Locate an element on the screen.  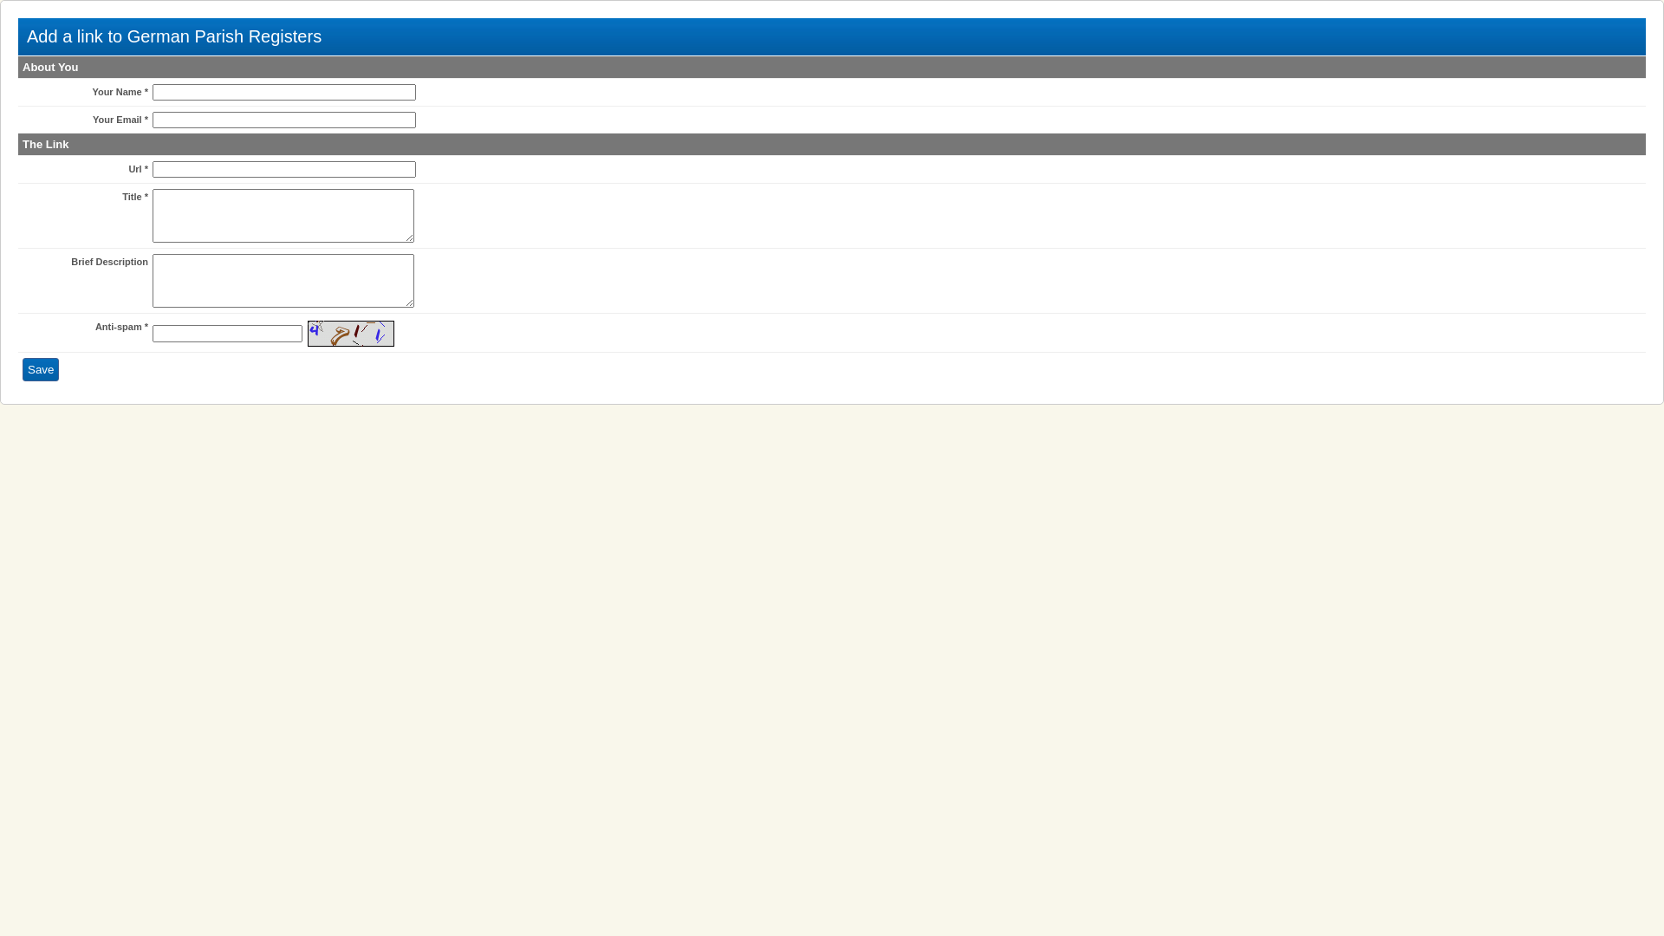
'Reload Image' is located at coordinates (349, 342).